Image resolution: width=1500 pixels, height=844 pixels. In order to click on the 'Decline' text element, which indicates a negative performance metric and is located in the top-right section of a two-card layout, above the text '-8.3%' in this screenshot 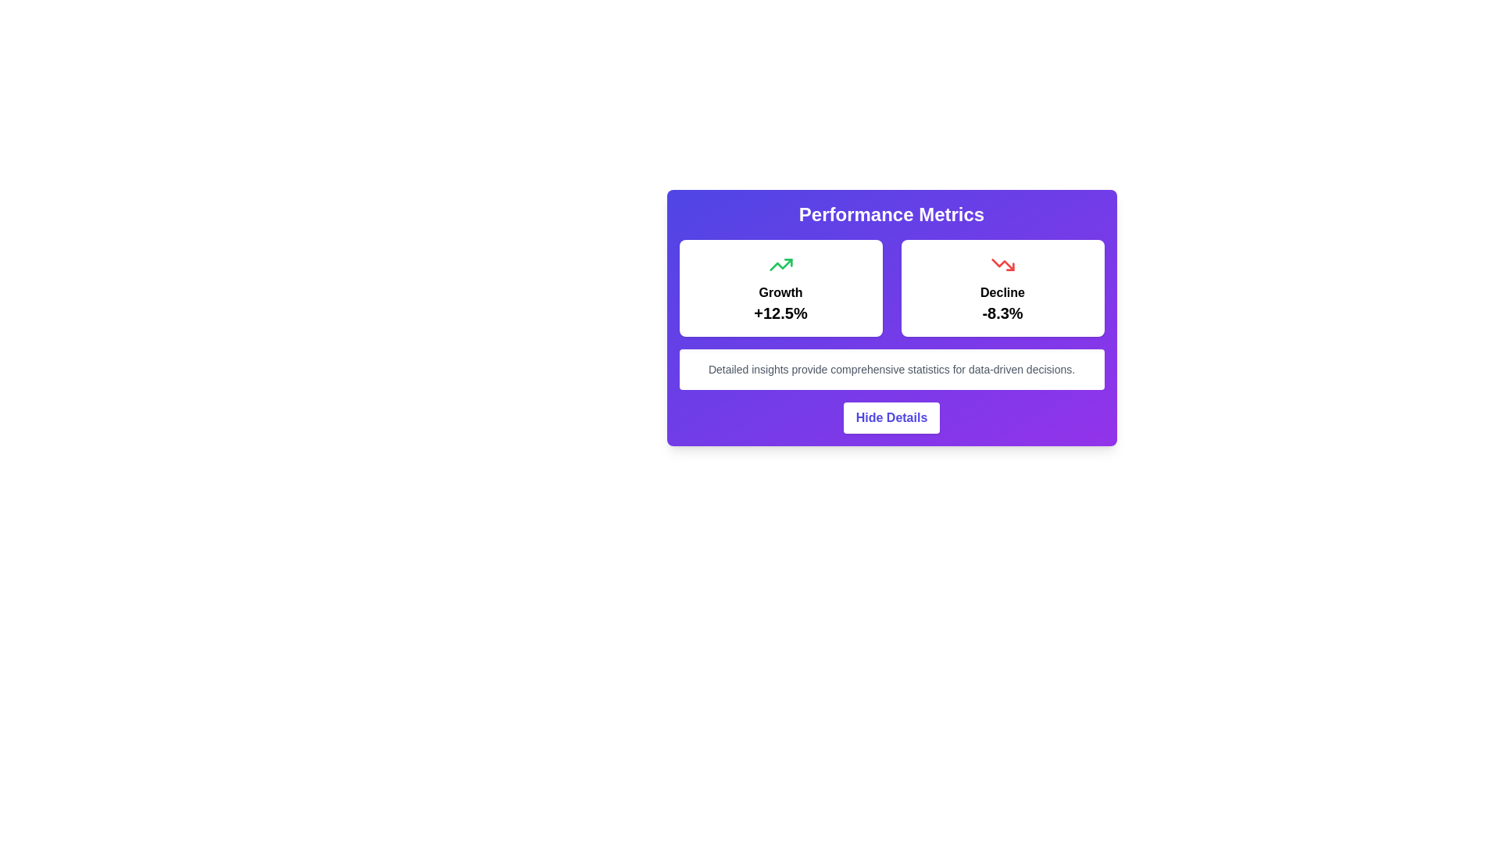, I will do `click(1002, 292)`.